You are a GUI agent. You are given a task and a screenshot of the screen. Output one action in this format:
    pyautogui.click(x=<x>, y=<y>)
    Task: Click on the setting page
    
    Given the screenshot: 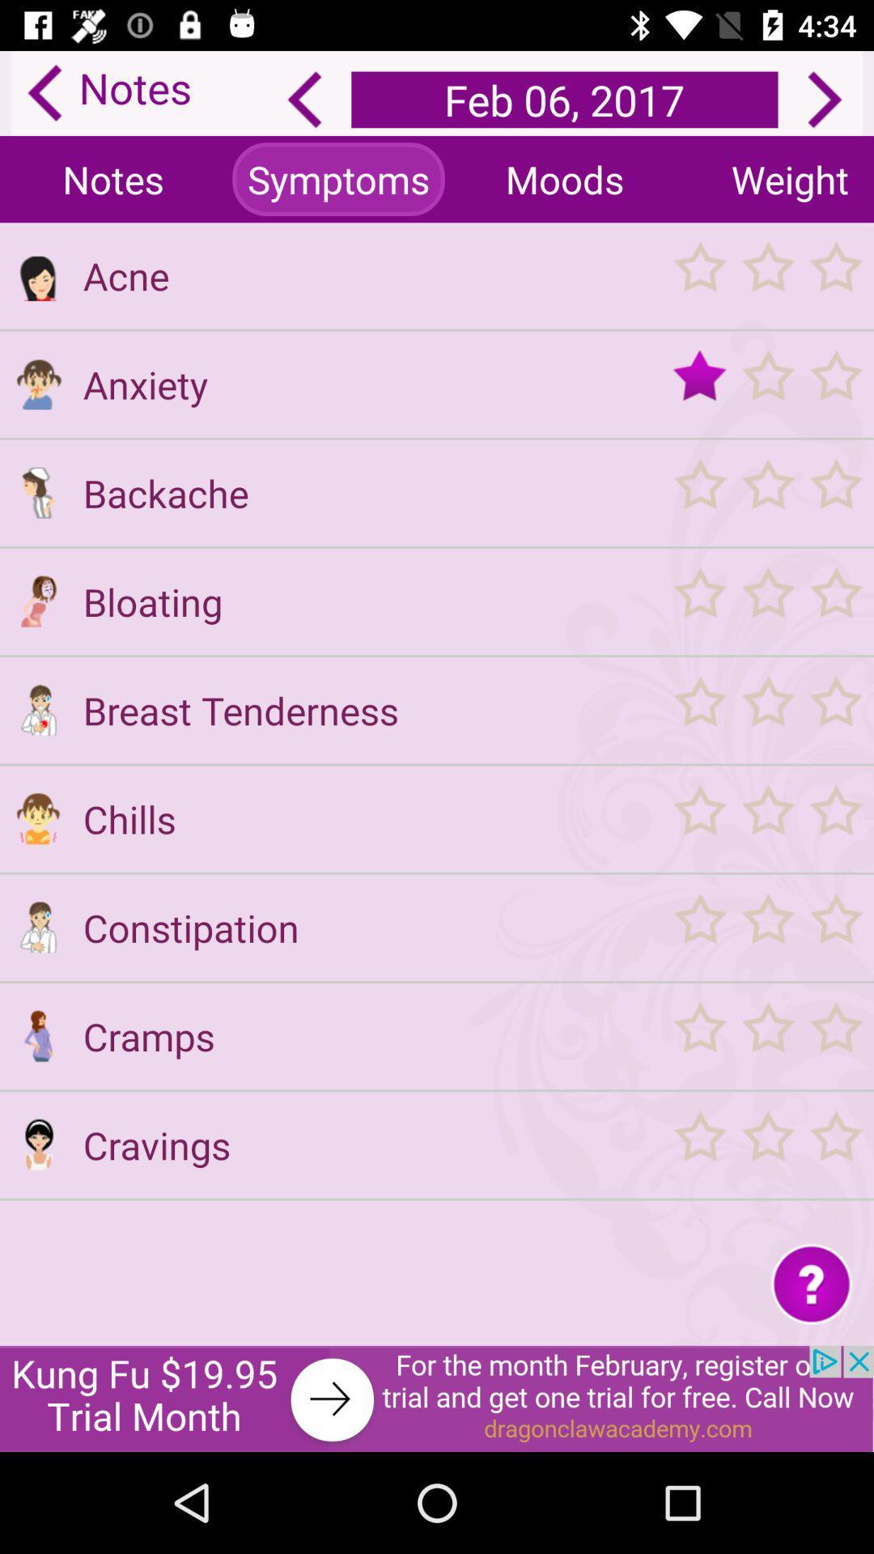 What is the action you would take?
    pyautogui.click(x=37, y=601)
    